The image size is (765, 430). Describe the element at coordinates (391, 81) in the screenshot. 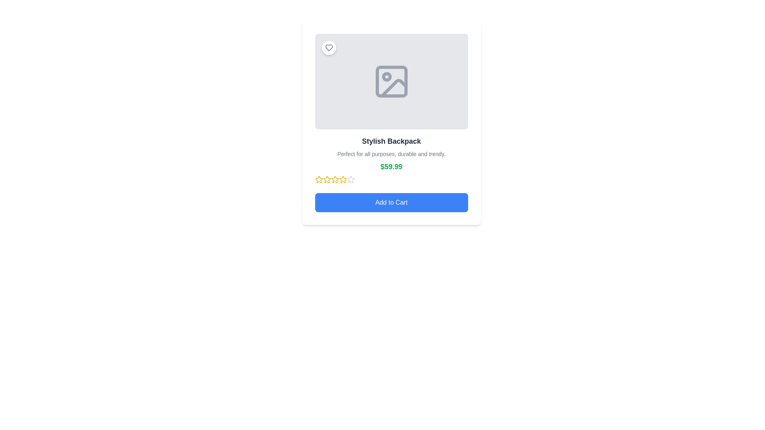

I see `the Placeholder Icon, which is a light gray rounded rectangle located in the upper section of the card layout, above the product title and price details` at that location.